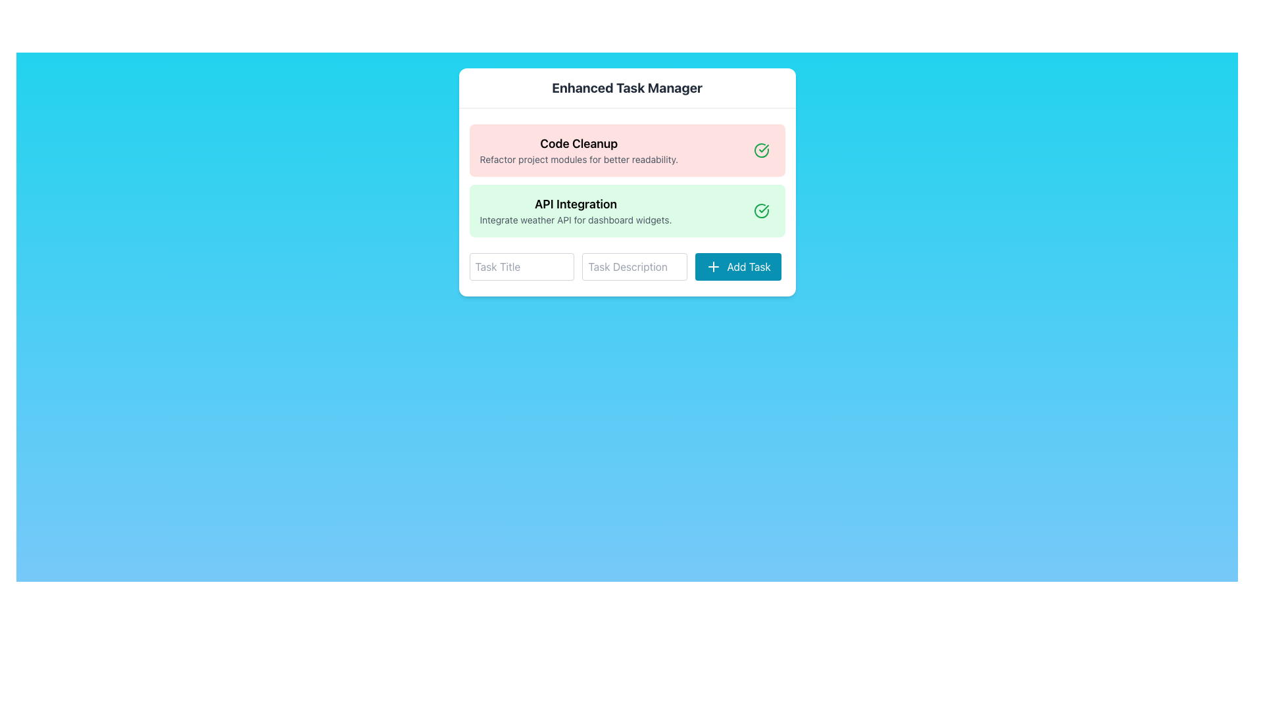  What do you see at coordinates (738, 266) in the screenshot?
I see `the 'Add Task' button, which is a cyan button with white text and a plus icon, located at the bottom of the centered panel` at bounding box center [738, 266].